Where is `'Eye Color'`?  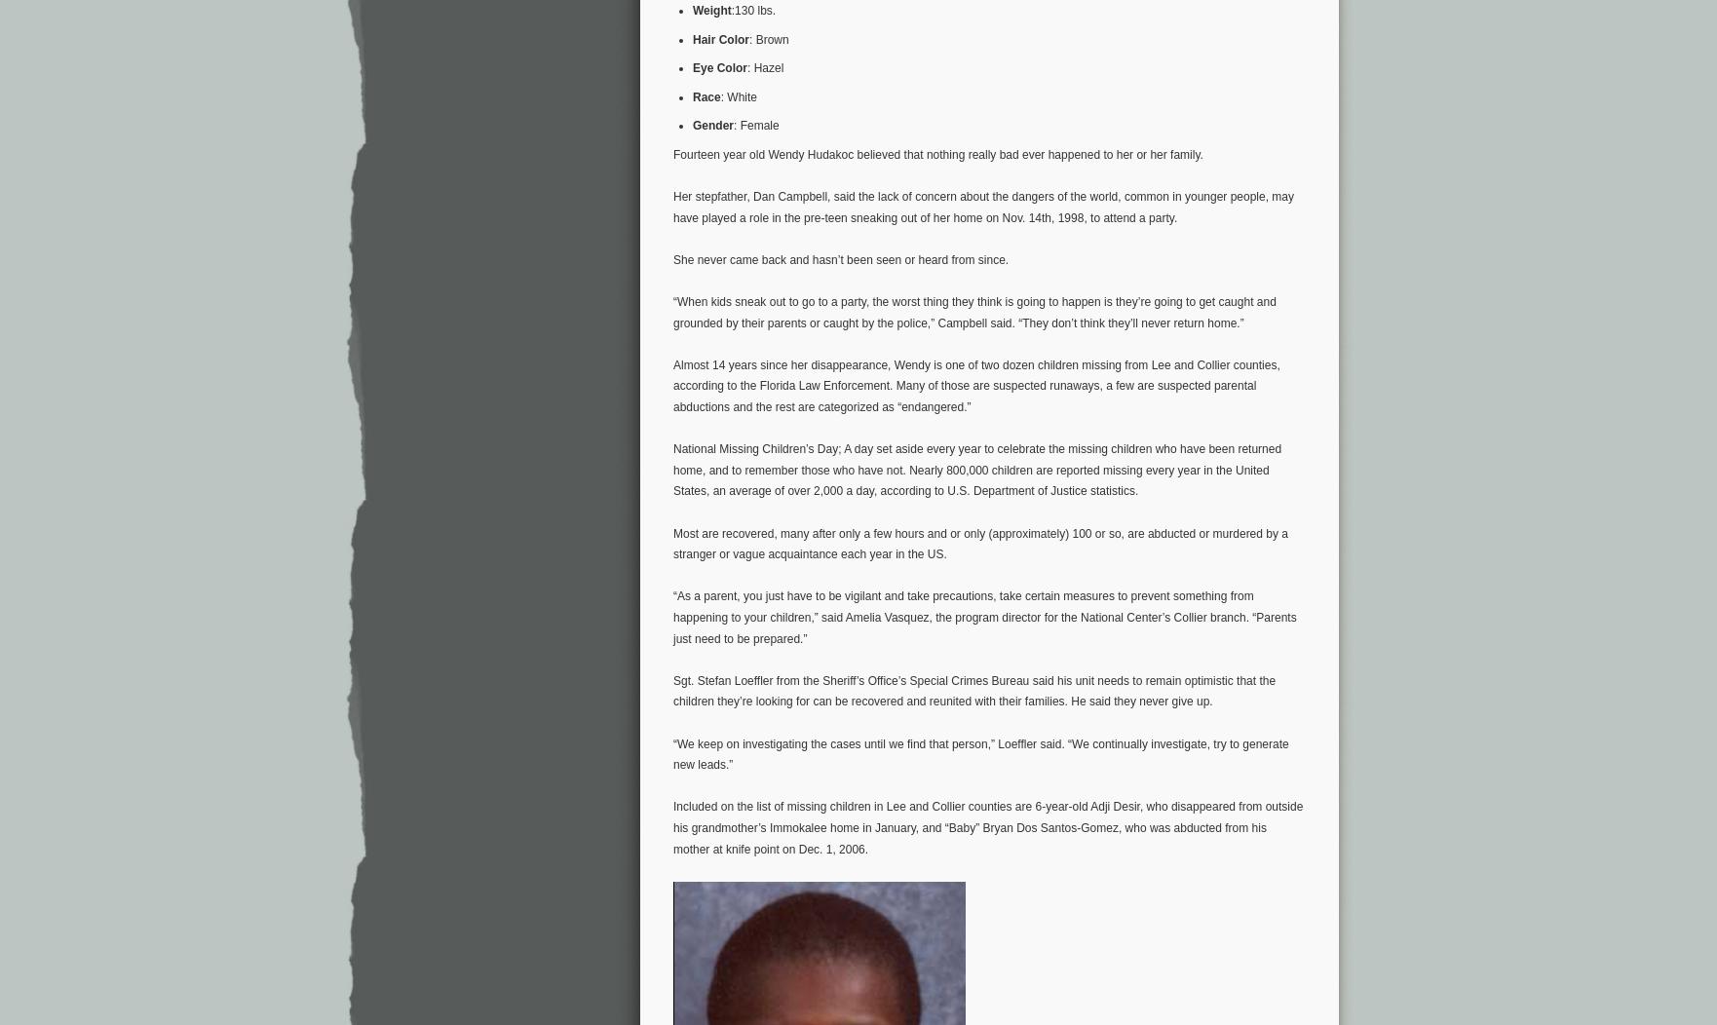
'Eye Color' is located at coordinates (718, 66).